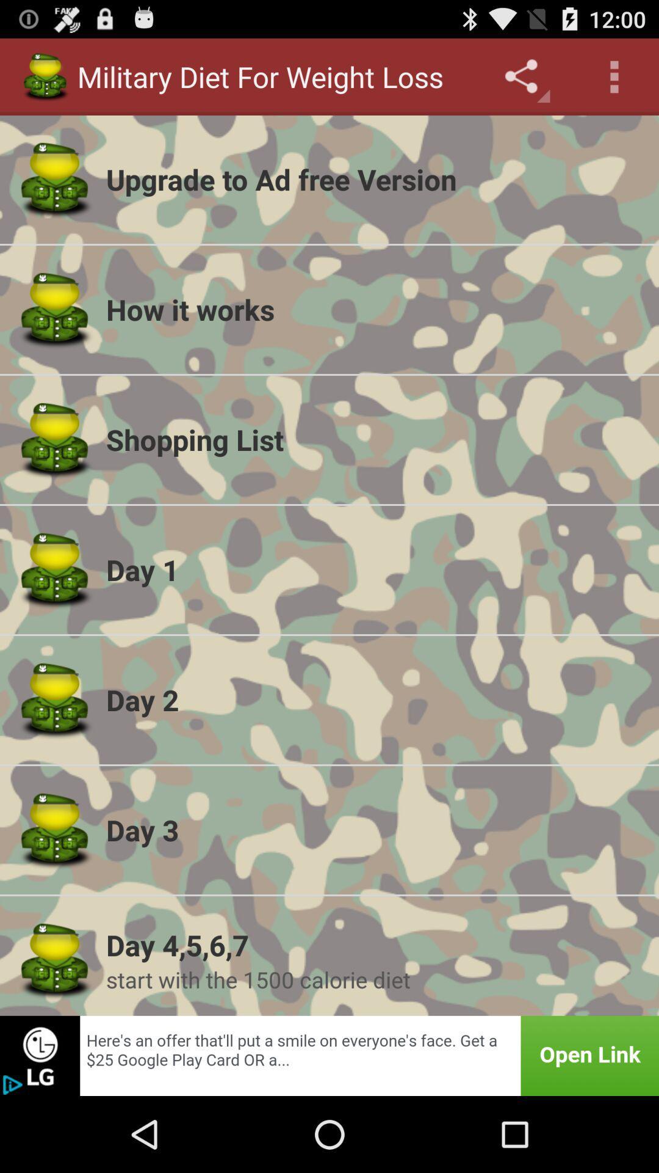  I want to click on open advertisement, so click(329, 1055).